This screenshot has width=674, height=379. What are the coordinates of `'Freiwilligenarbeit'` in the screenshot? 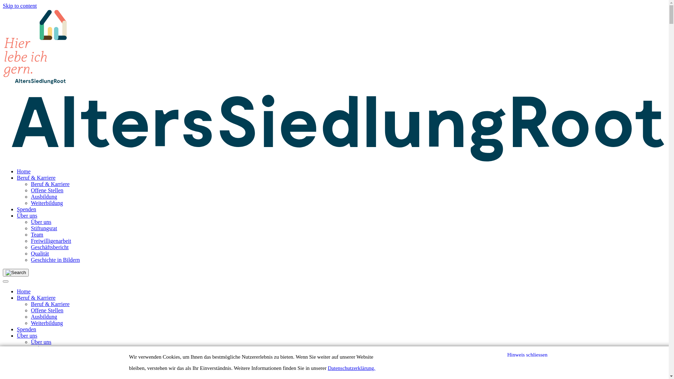 It's located at (51, 240).